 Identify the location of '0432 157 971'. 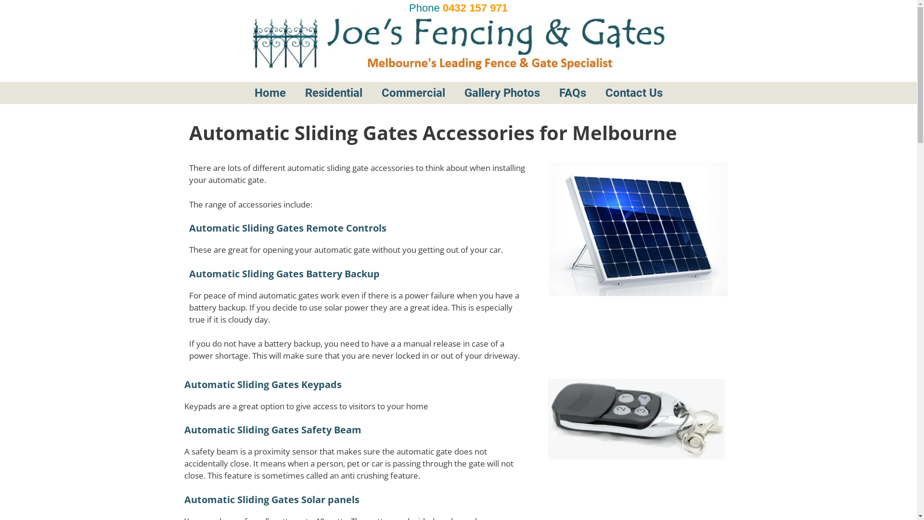
(475, 8).